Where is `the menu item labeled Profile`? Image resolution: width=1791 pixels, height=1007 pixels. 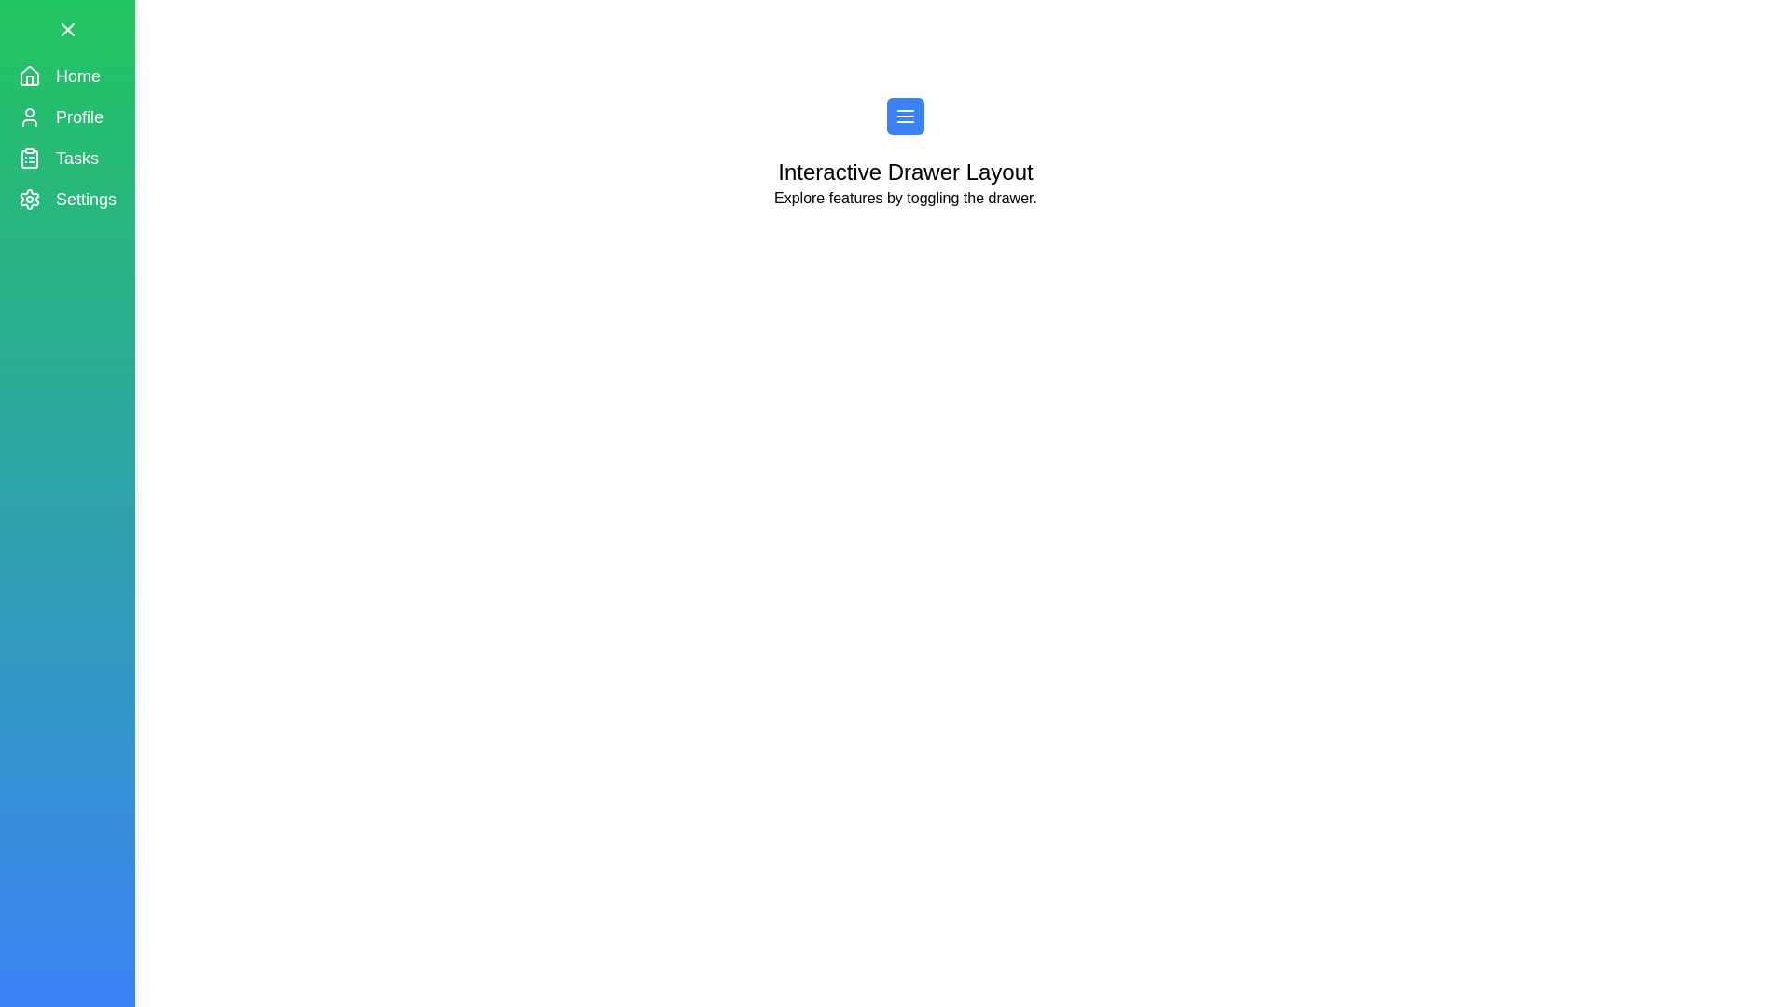
the menu item labeled Profile is located at coordinates (67, 117).